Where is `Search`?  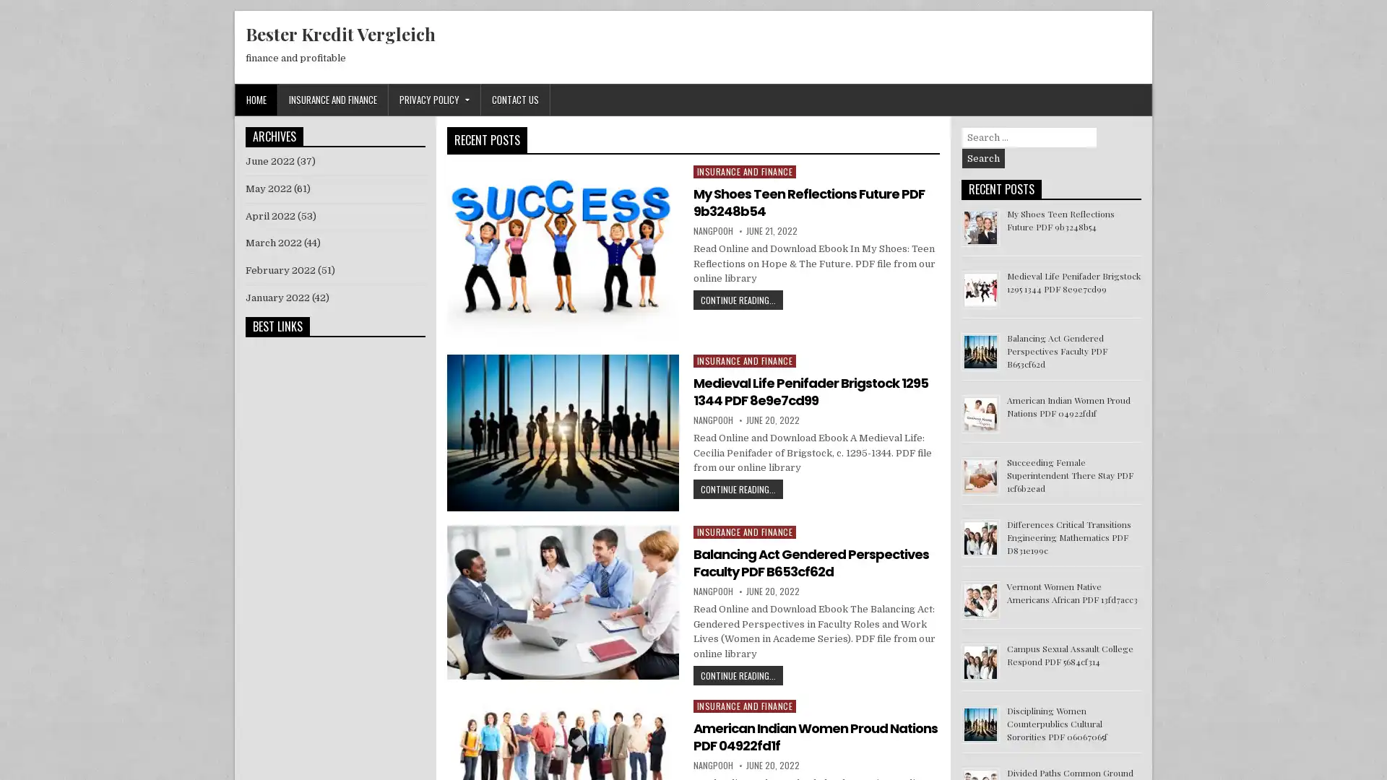 Search is located at coordinates (982, 158).